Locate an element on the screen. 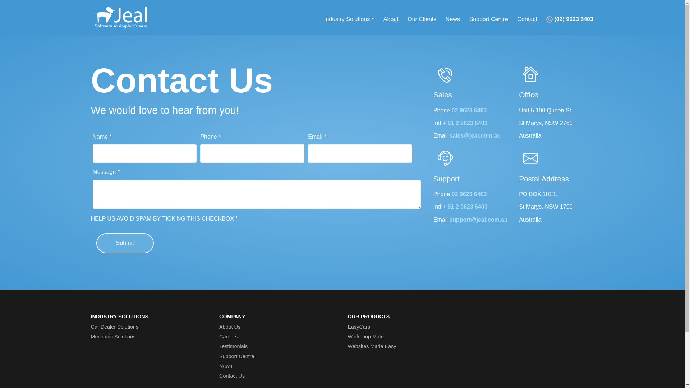 The height and width of the screenshot is (388, 690). 'Mechanic Solutions' is located at coordinates (112, 337).